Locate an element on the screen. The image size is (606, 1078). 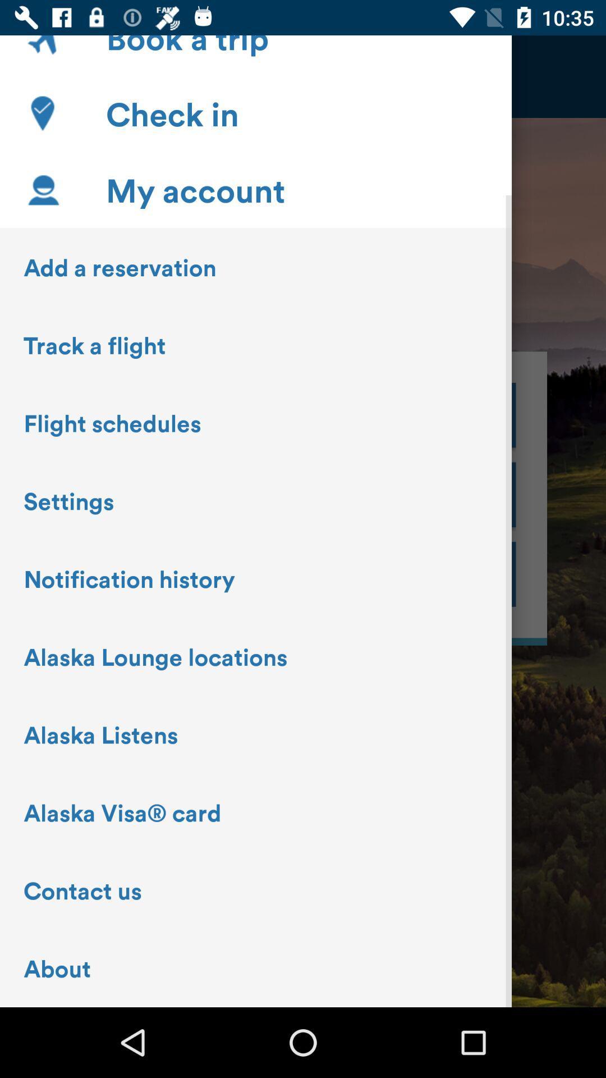
the icon beside my account is located at coordinates (42, 189).